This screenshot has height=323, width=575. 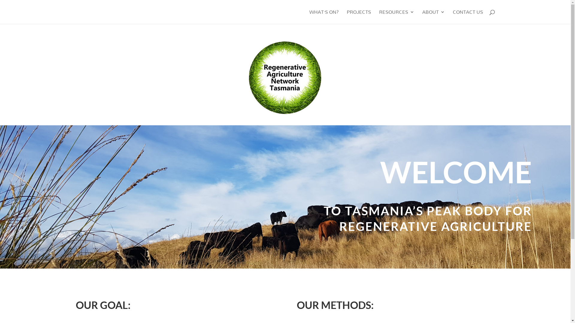 I want to click on 'PROJECTS', so click(x=359, y=16).